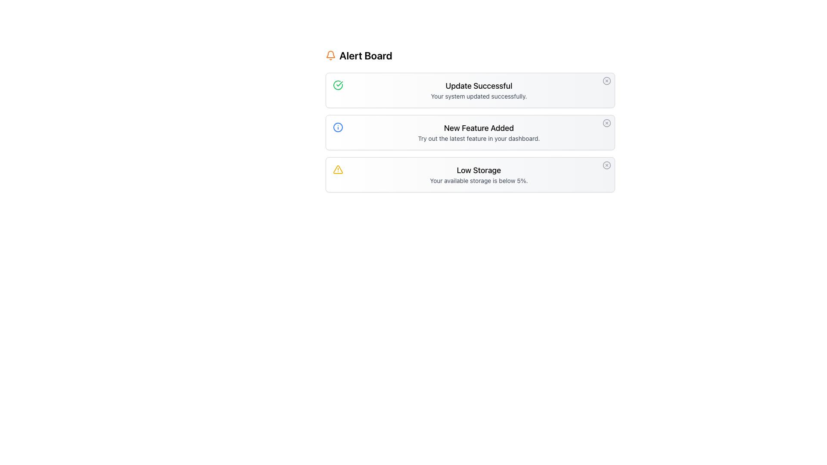 The height and width of the screenshot is (465, 827). I want to click on the text section displaying the message 'Your system updated successfully.' positioned below the title 'Update Successful' in the notification card, so click(479, 96).